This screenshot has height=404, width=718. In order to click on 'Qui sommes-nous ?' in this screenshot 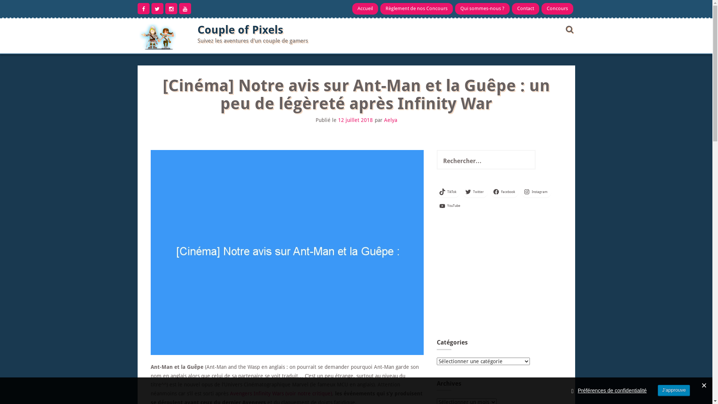, I will do `click(454, 9)`.